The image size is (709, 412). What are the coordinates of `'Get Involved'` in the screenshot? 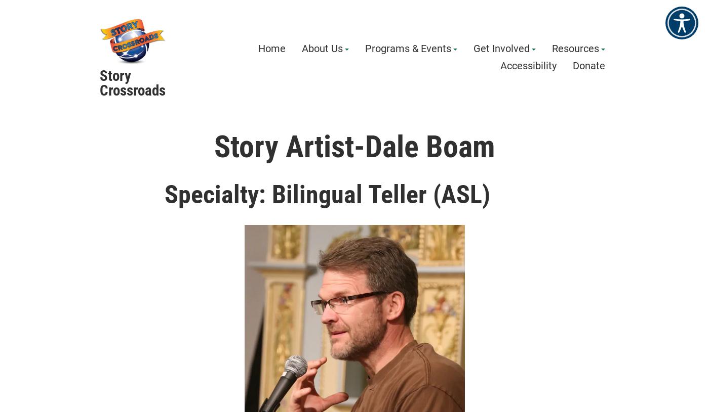 It's located at (473, 48).